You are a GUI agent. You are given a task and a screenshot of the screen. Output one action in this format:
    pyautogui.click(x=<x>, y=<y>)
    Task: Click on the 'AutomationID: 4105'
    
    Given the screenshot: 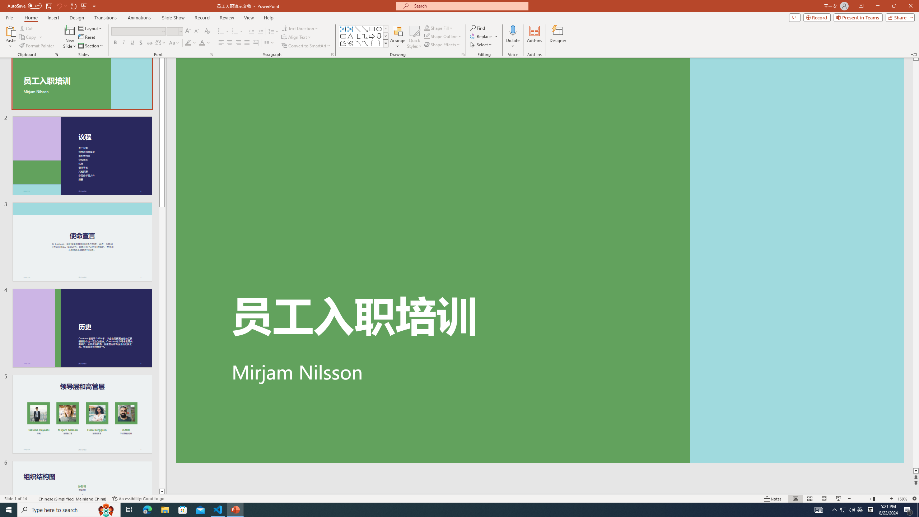 What is the action you would take?
    pyautogui.click(x=818, y=509)
    